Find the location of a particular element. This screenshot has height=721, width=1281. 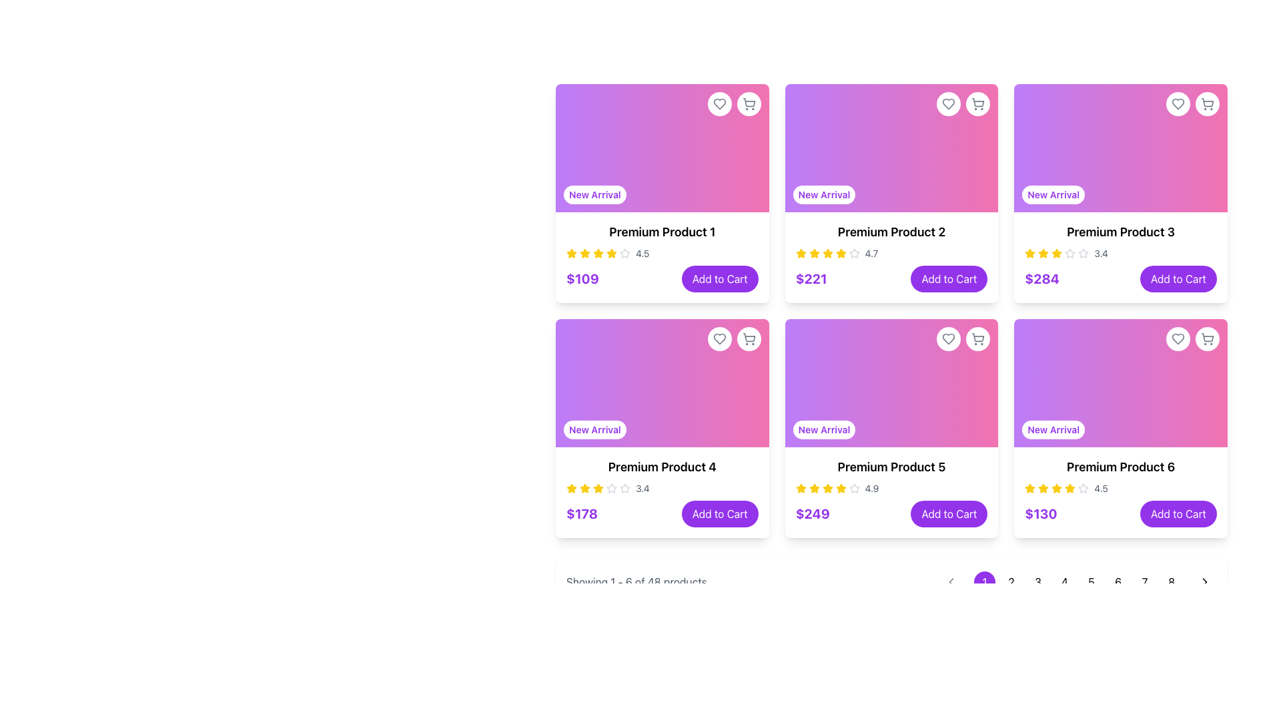

the circular button with a white background and heart icon located in the top-right corner of the card for 'Premium Product 4' is located at coordinates (719, 338).